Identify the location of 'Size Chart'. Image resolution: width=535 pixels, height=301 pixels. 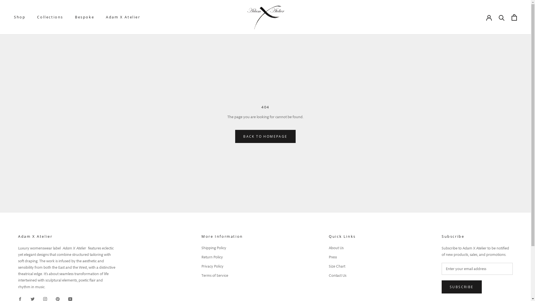
(329, 266).